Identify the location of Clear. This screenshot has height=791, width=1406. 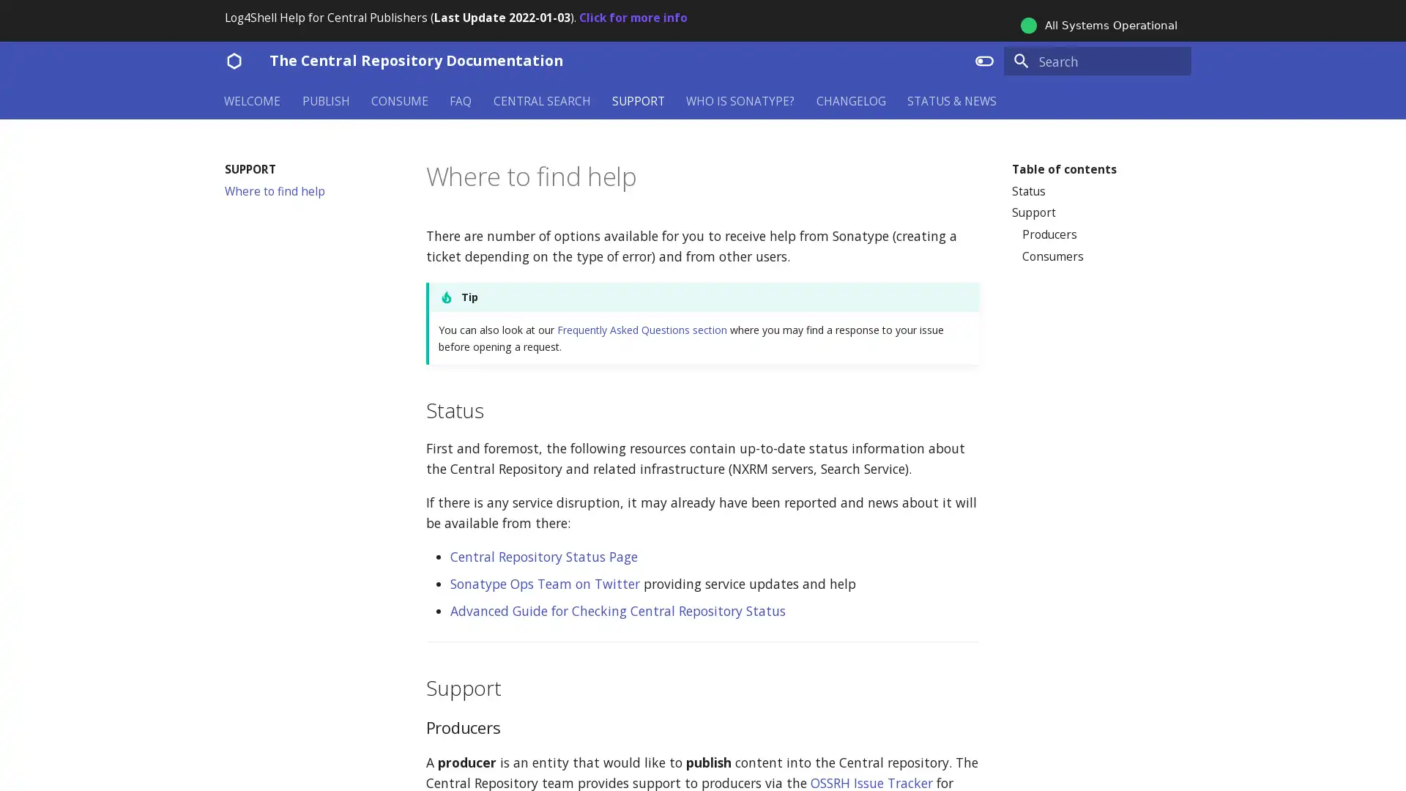
(1173, 60).